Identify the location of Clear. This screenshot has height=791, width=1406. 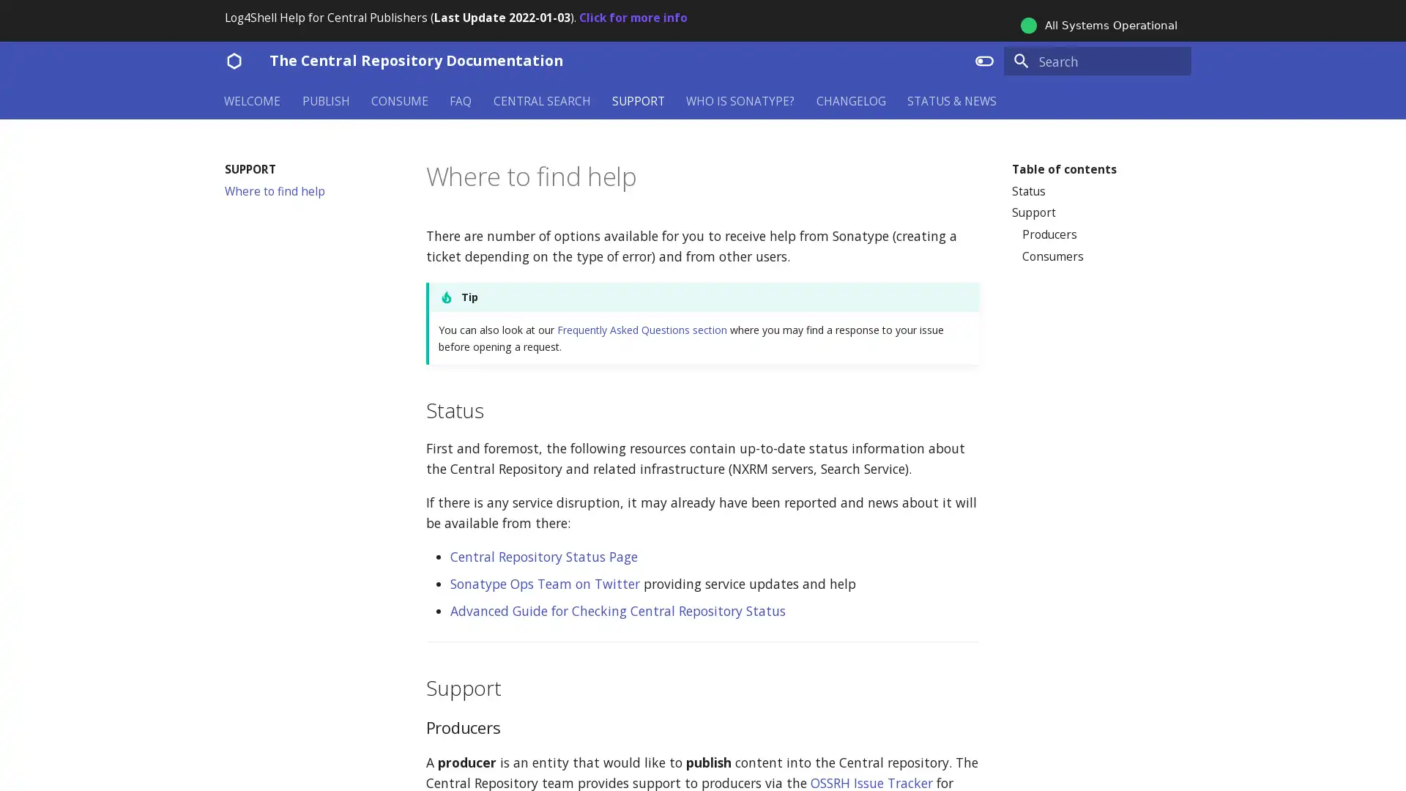
(1173, 60).